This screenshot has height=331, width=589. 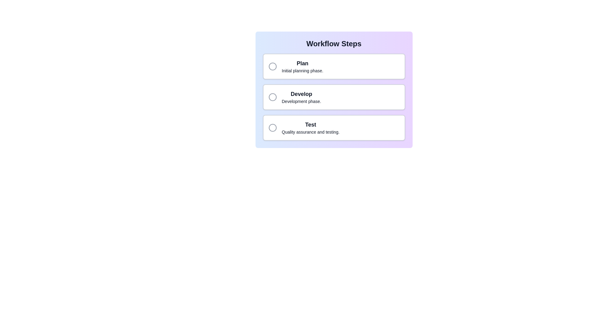 I want to click on text content of the descriptive subtitle located directly underneath the 'Develop' text in the vertical workflow list, so click(x=301, y=101).